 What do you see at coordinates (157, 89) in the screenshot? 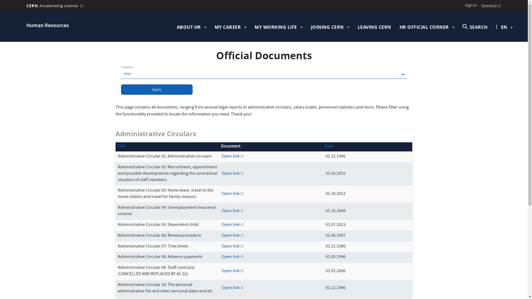
I see `'Apply'` at bounding box center [157, 89].